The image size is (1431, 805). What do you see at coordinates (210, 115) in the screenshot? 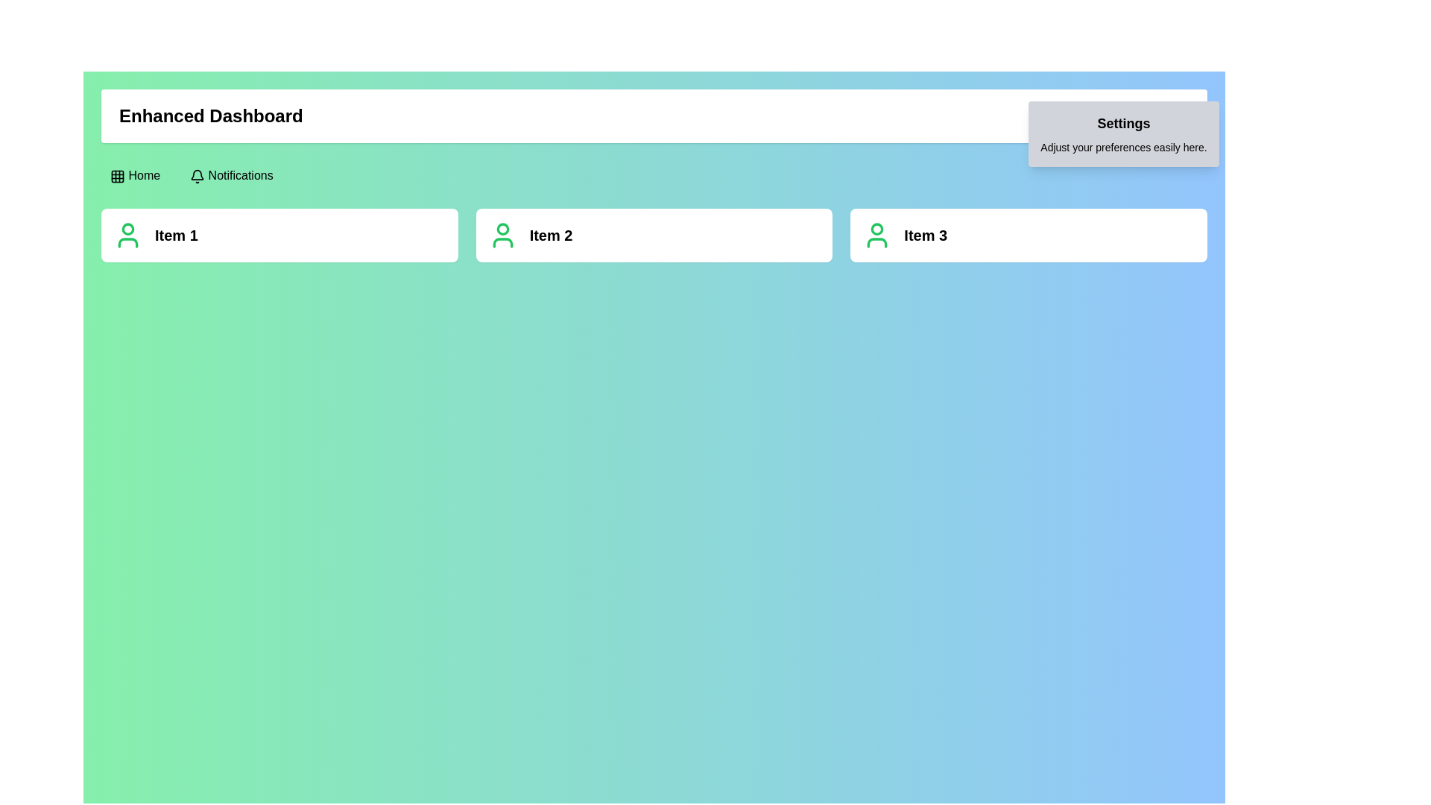
I see `the header text label indicating the current view or section of the application, located towards the left in the header section of the interface` at bounding box center [210, 115].